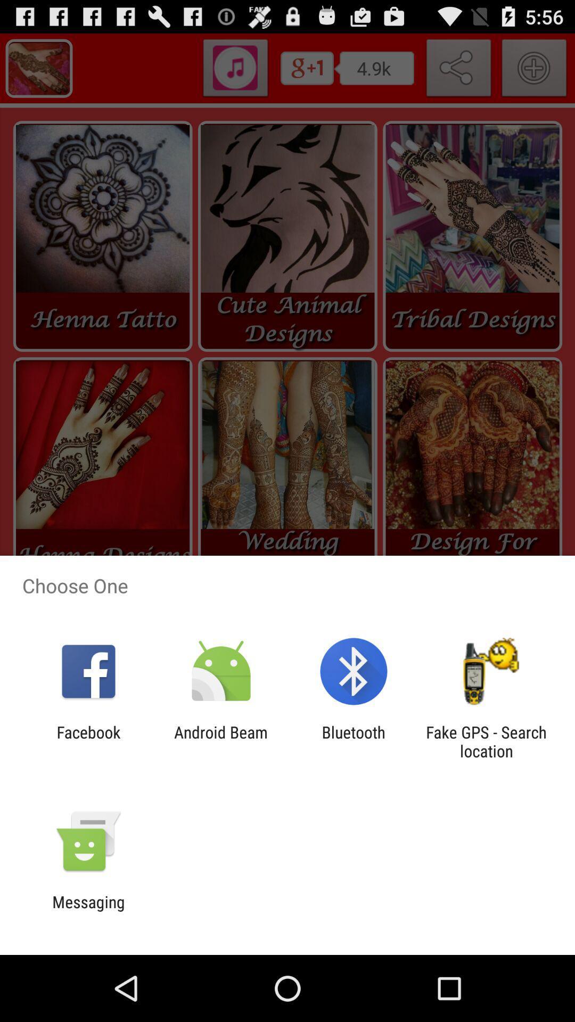  What do you see at coordinates (220, 741) in the screenshot?
I see `icon next to facebook icon` at bounding box center [220, 741].